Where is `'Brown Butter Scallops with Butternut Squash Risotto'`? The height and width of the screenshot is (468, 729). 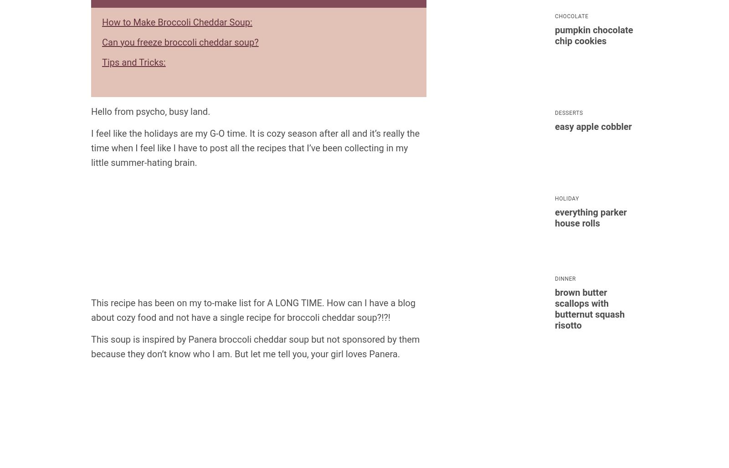 'Brown Butter Scallops with Butternut Squash Risotto' is located at coordinates (589, 308).